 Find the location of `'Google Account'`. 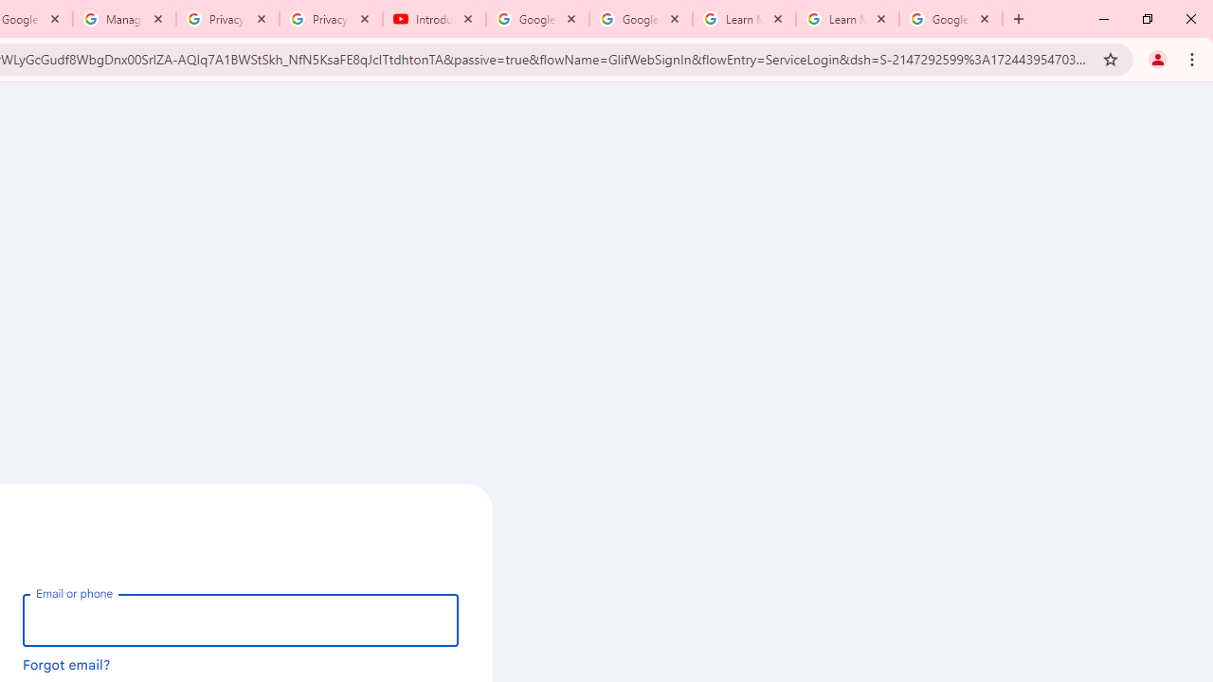

'Google Account' is located at coordinates (950, 19).